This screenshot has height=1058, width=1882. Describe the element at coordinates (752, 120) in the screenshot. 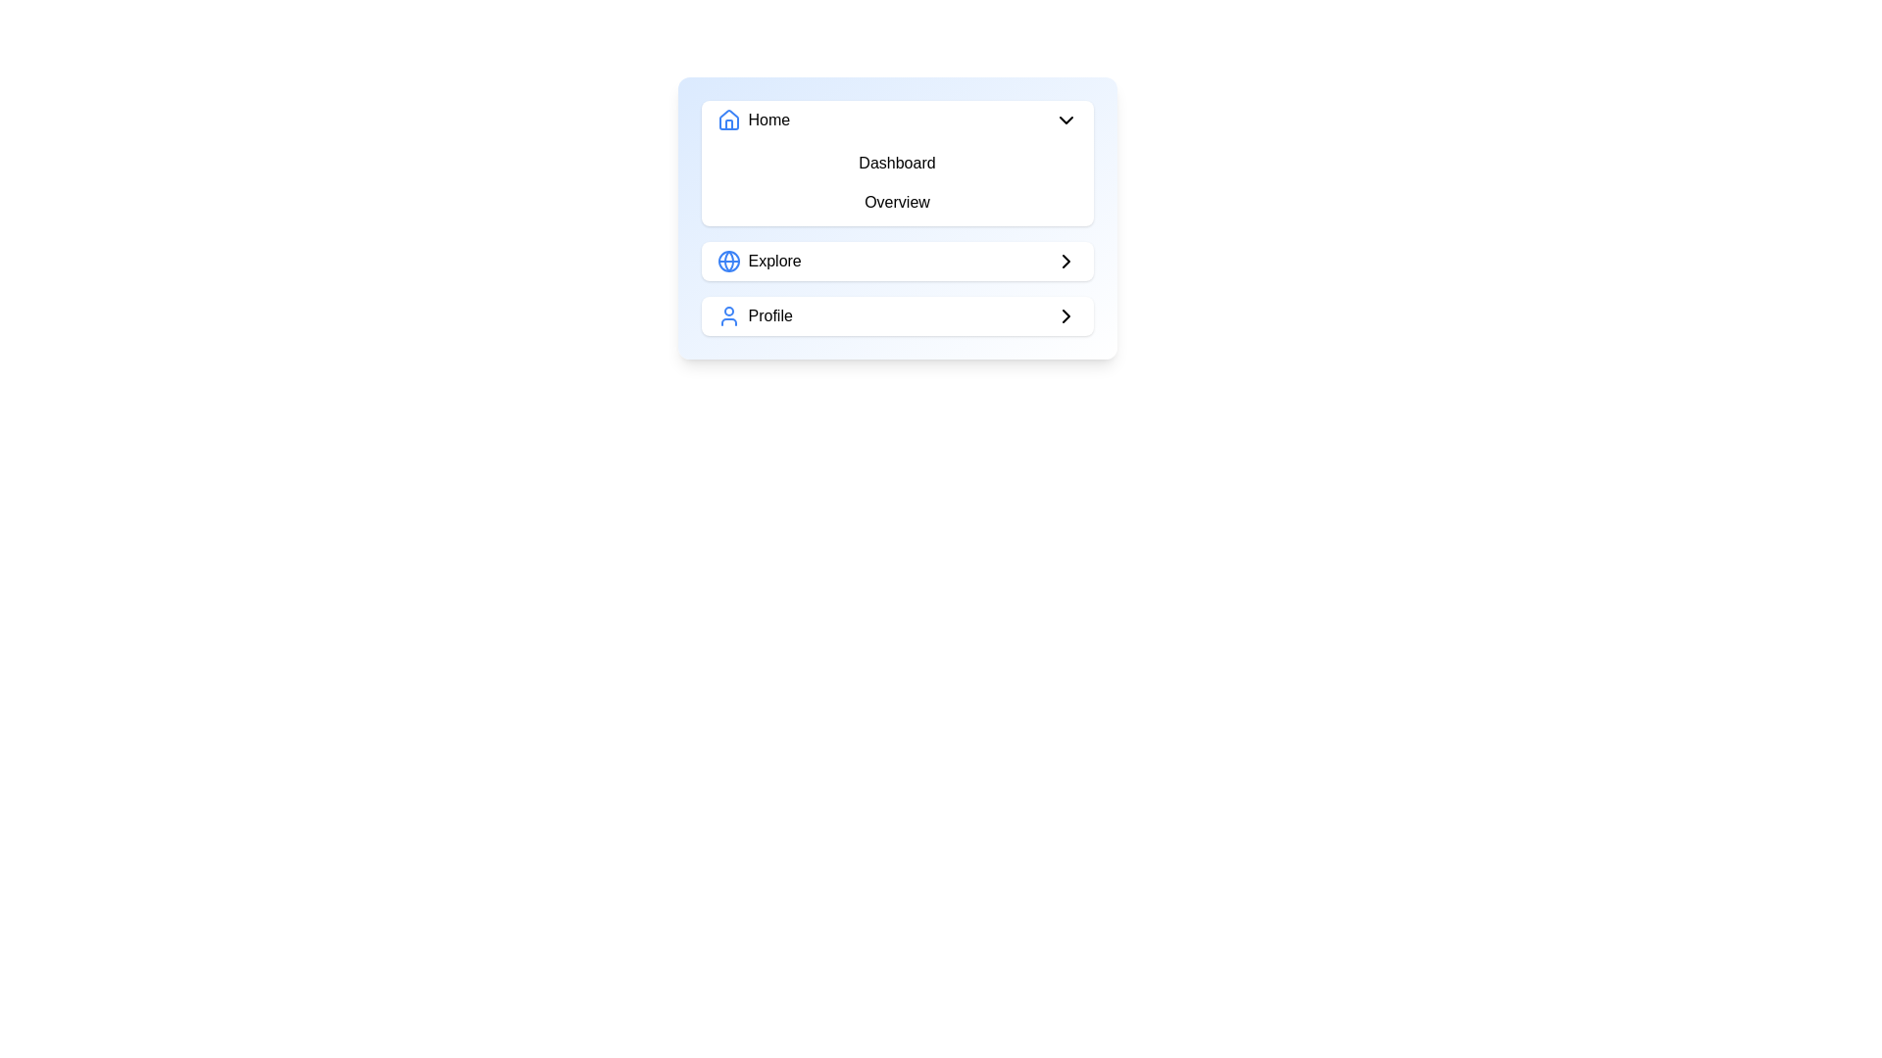

I see `the 'Home' text label with icon, which displays a bold 'Home' text and a blue house icon to its left` at that location.